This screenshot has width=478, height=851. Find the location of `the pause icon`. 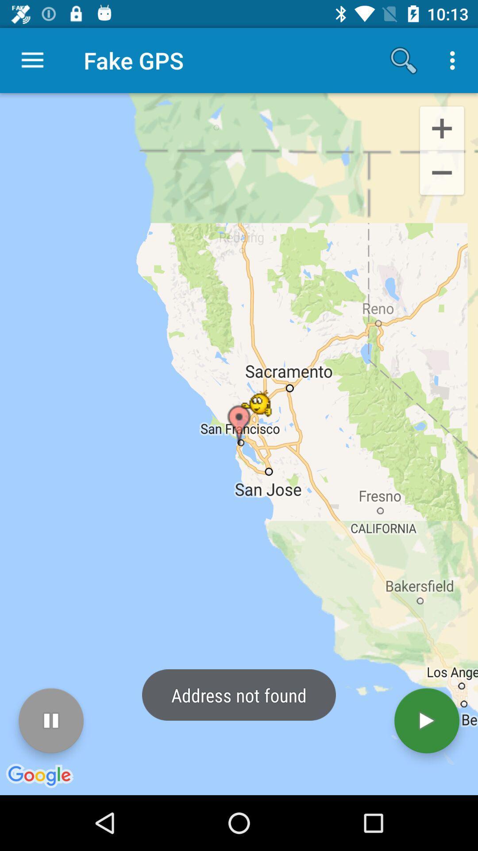

the pause icon is located at coordinates (51, 721).